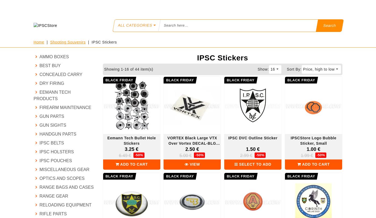 Image resolution: width=376 pixels, height=218 pixels. Describe the element at coordinates (89, 6) in the screenshot. I see `'SPECIAL PRICE'` at that location.